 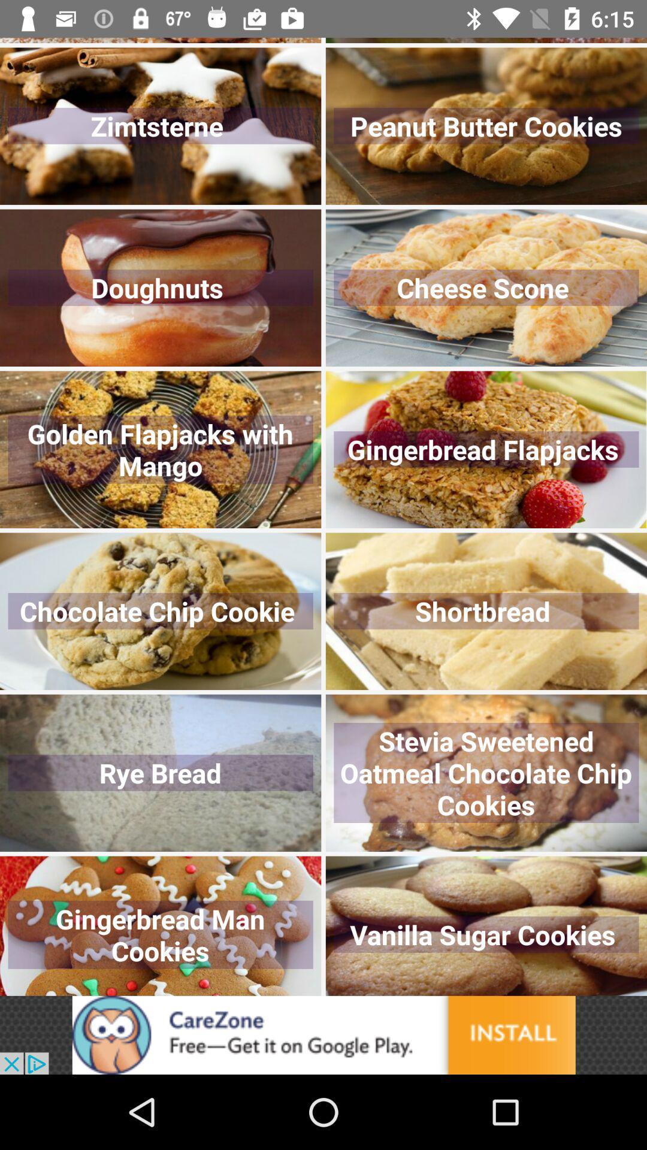 I want to click on advertisement, so click(x=323, y=1034).